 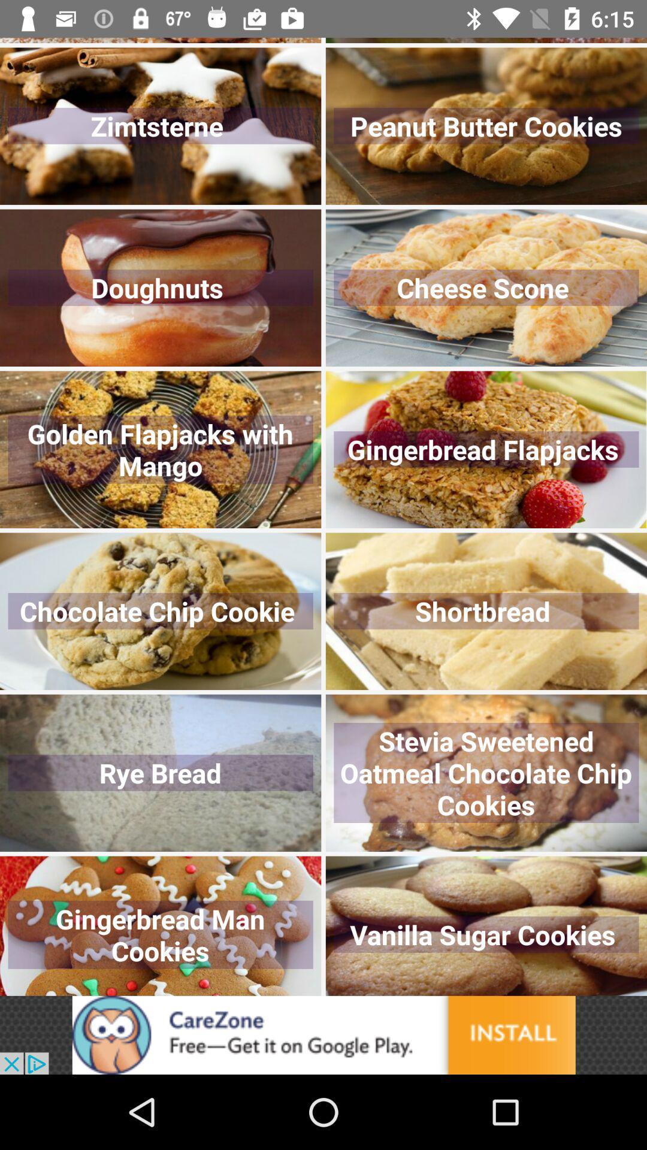 I want to click on advertisement, so click(x=323, y=1034).